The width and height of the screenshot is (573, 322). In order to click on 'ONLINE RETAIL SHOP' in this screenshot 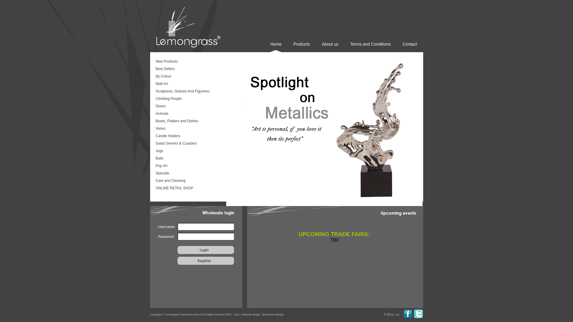, I will do `click(187, 188)`.